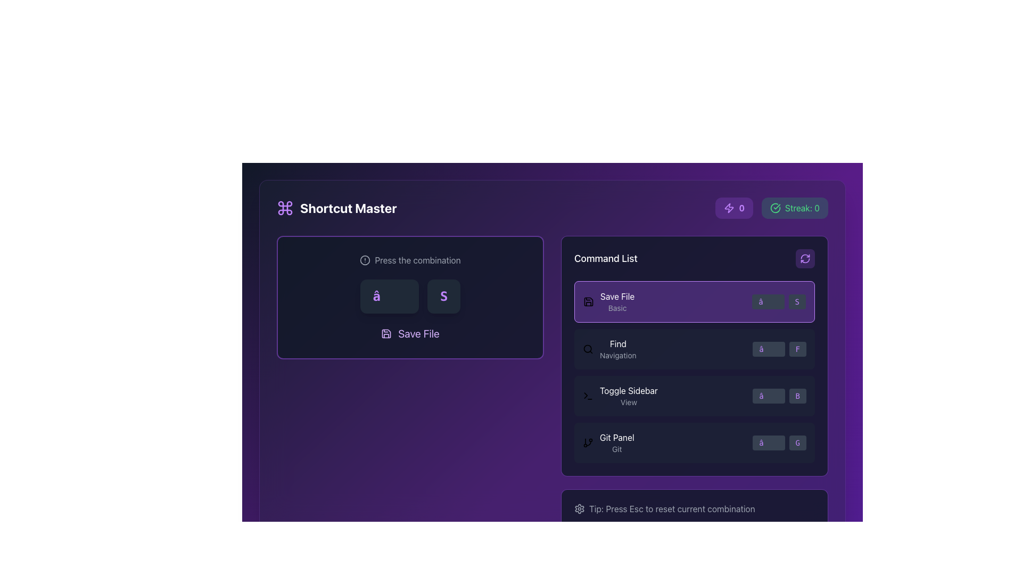 This screenshot has width=1022, height=575. Describe the element at coordinates (444, 296) in the screenshot. I see `the visual appearance of the 'S' key representation, which is the second key in the horizontal group located in the 'Press the combination' subsection` at that location.